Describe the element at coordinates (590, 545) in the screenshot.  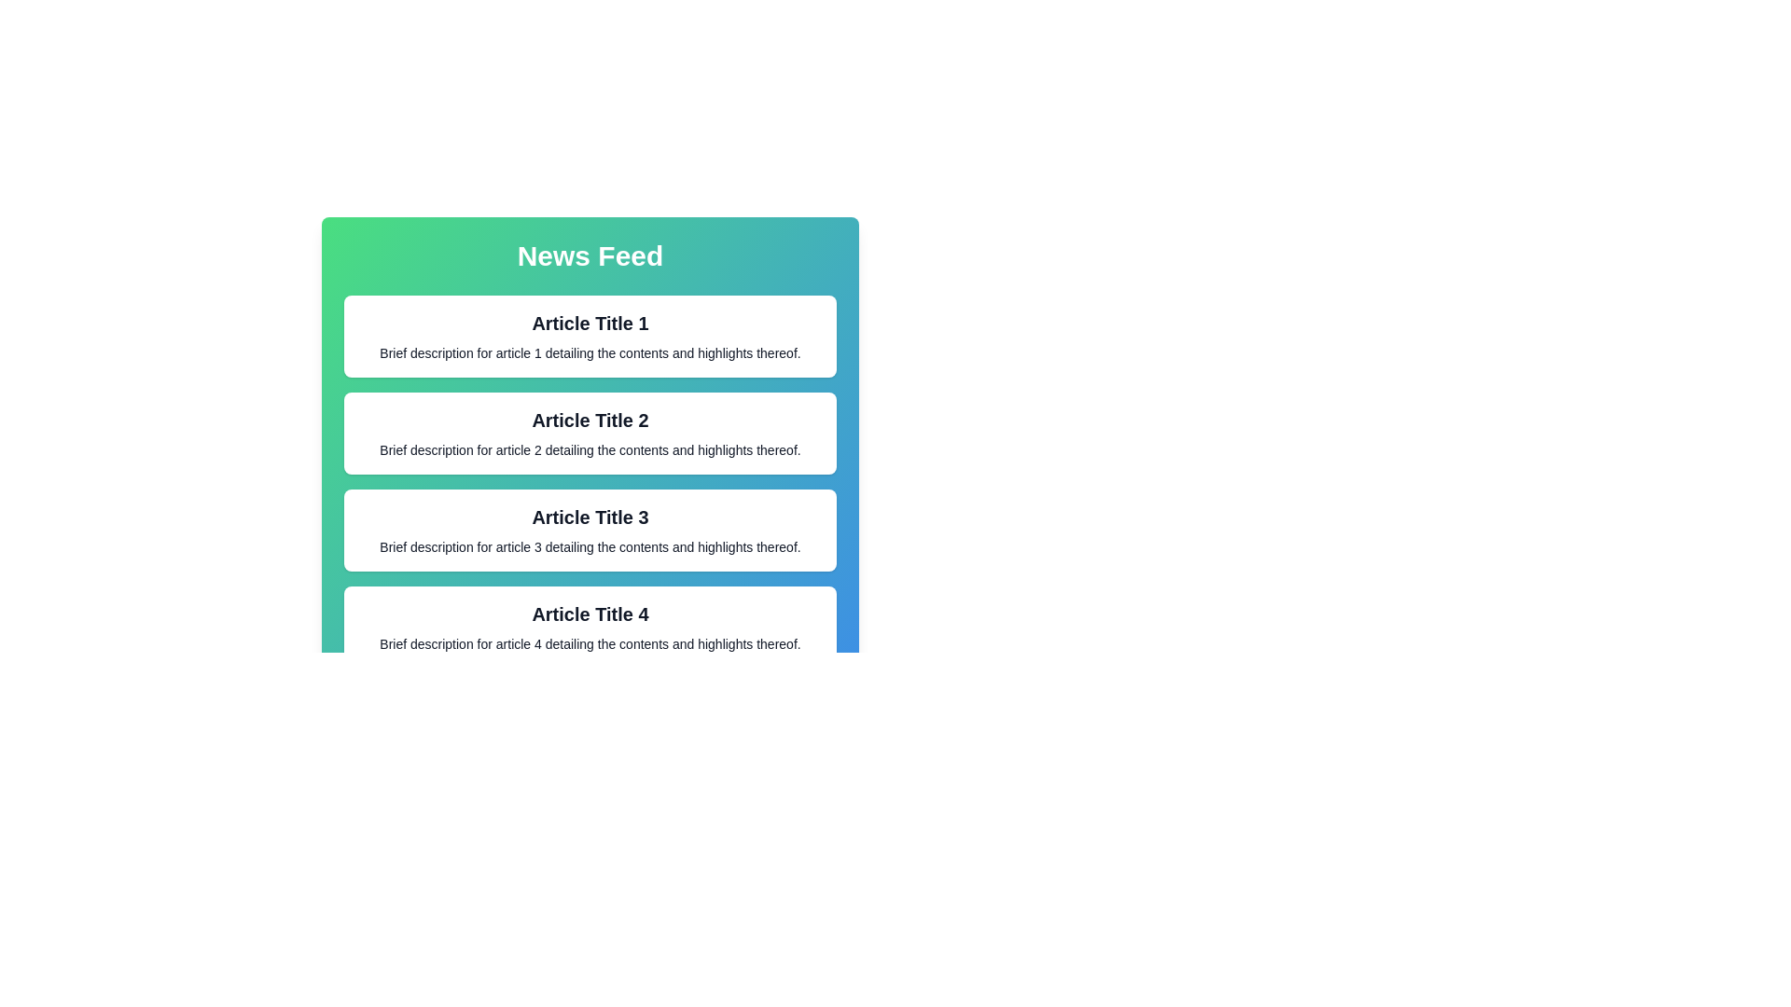
I see `text 'Brief description for article 3 detailing the contents and highlights thereof.' located below the heading 'Article Title 3' within the third article card` at that location.